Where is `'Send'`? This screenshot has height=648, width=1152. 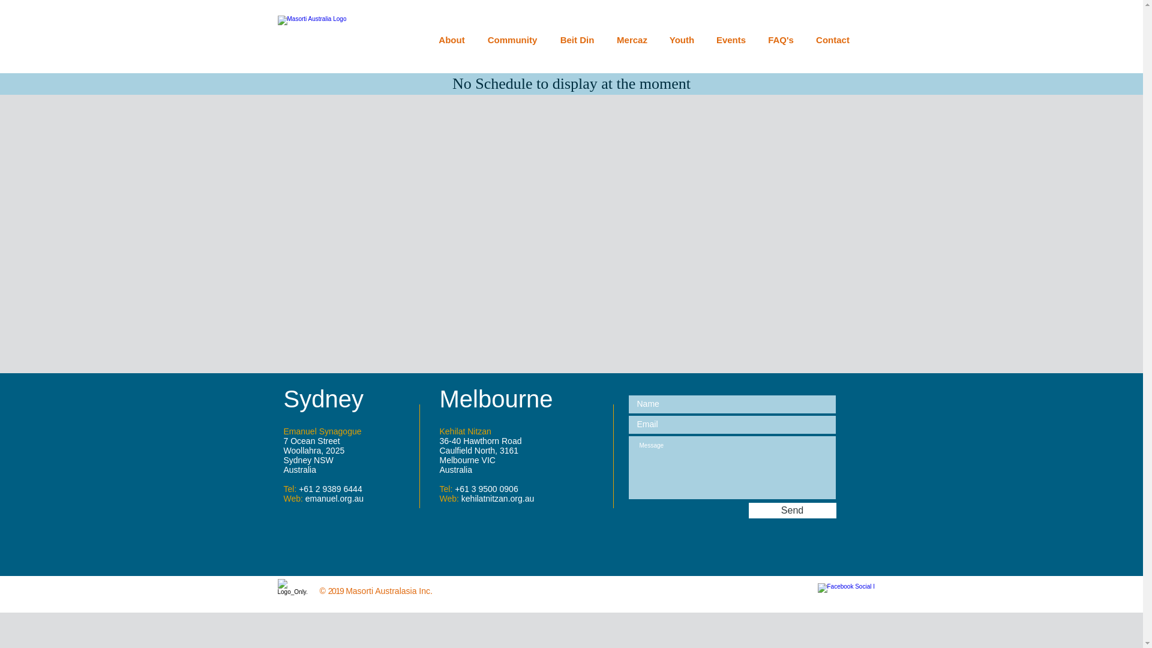
'Send' is located at coordinates (792, 511).